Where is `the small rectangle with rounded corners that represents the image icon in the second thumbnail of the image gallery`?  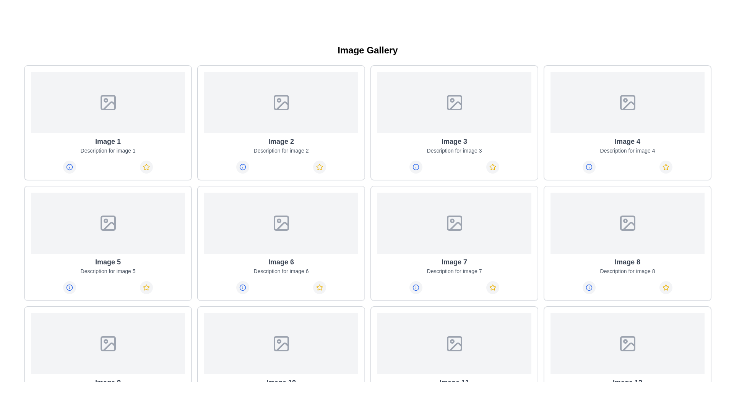 the small rectangle with rounded corners that represents the image icon in the second thumbnail of the image gallery is located at coordinates (281, 102).